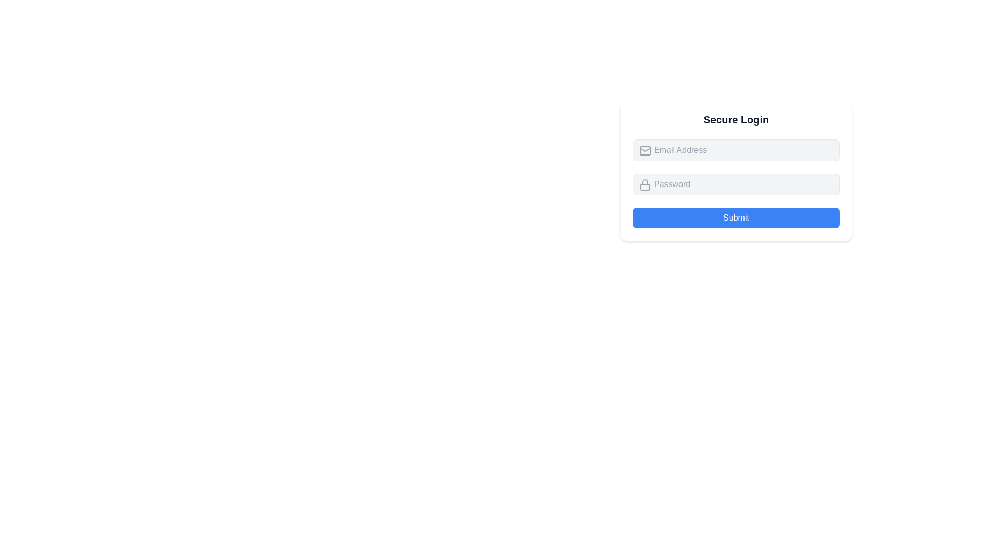 Image resolution: width=992 pixels, height=558 pixels. I want to click on the submit button for the 'Secure Login' form, so click(736, 217).